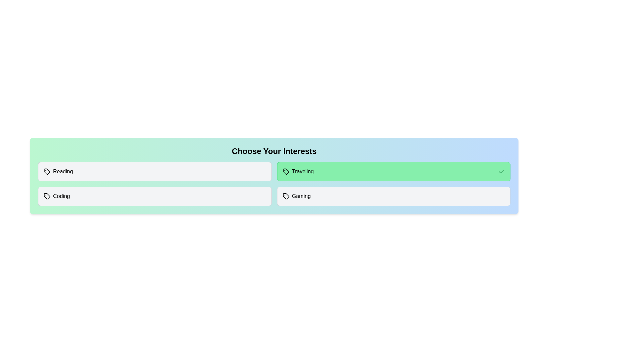 This screenshot has height=360, width=641. I want to click on the interest item Traveling, so click(394, 171).